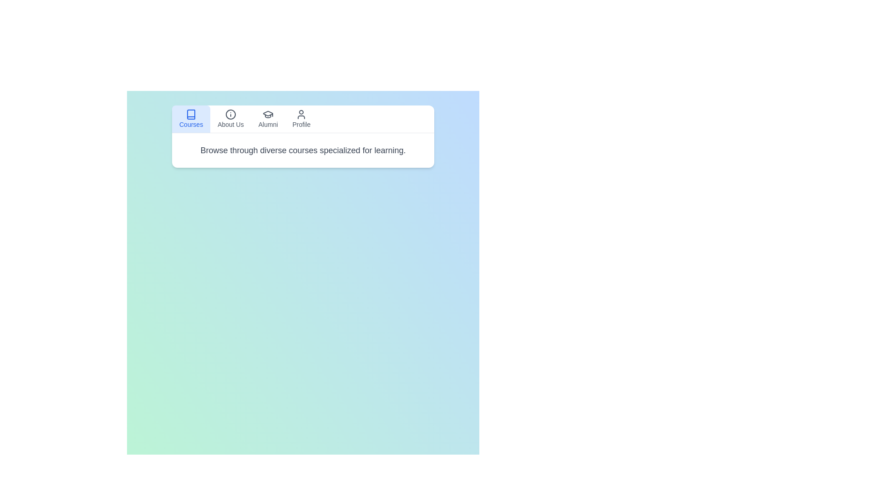 The height and width of the screenshot is (491, 874). What do you see at coordinates (191, 119) in the screenshot?
I see `the tab labeled Courses to view its content` at bounding box center [191, 119].